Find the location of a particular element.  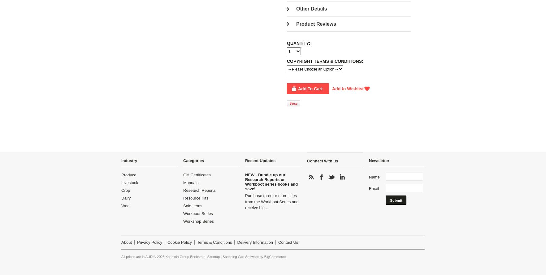

'|' is located at coordinates (220, 256).